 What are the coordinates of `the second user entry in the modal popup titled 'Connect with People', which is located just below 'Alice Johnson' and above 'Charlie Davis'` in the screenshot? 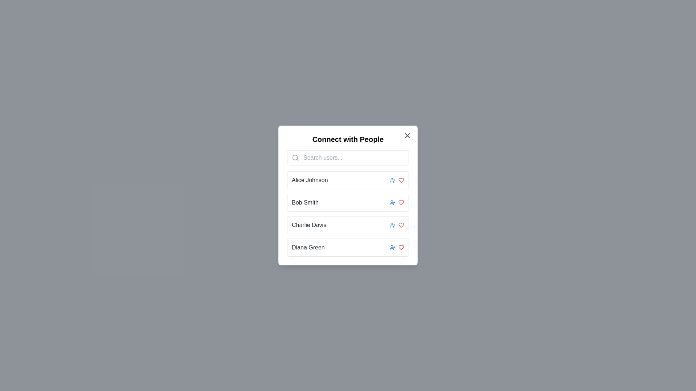 It's located at (348, 195).